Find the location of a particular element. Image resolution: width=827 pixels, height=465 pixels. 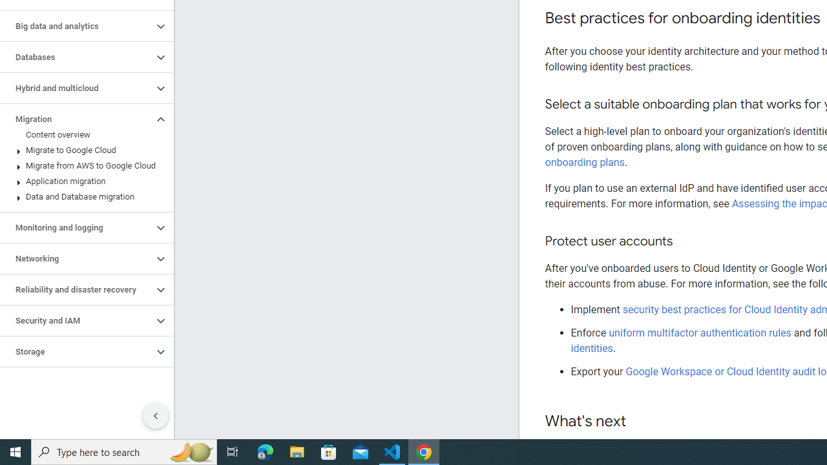

'Reliability and disaster recovery' is located at coordinates (76, 289).